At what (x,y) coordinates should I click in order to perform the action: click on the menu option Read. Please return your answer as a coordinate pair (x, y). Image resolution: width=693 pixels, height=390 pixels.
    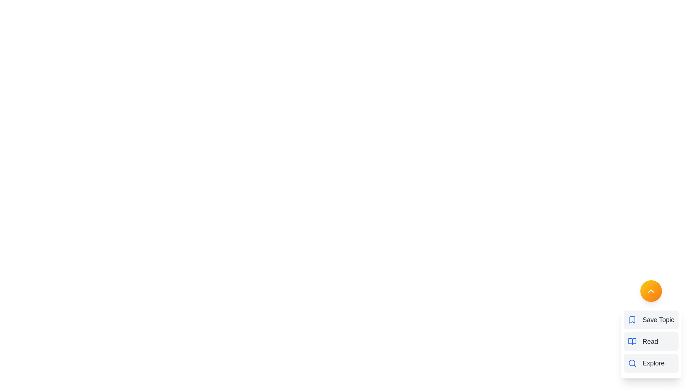
    Looking at the image, I should click on (651, 341).